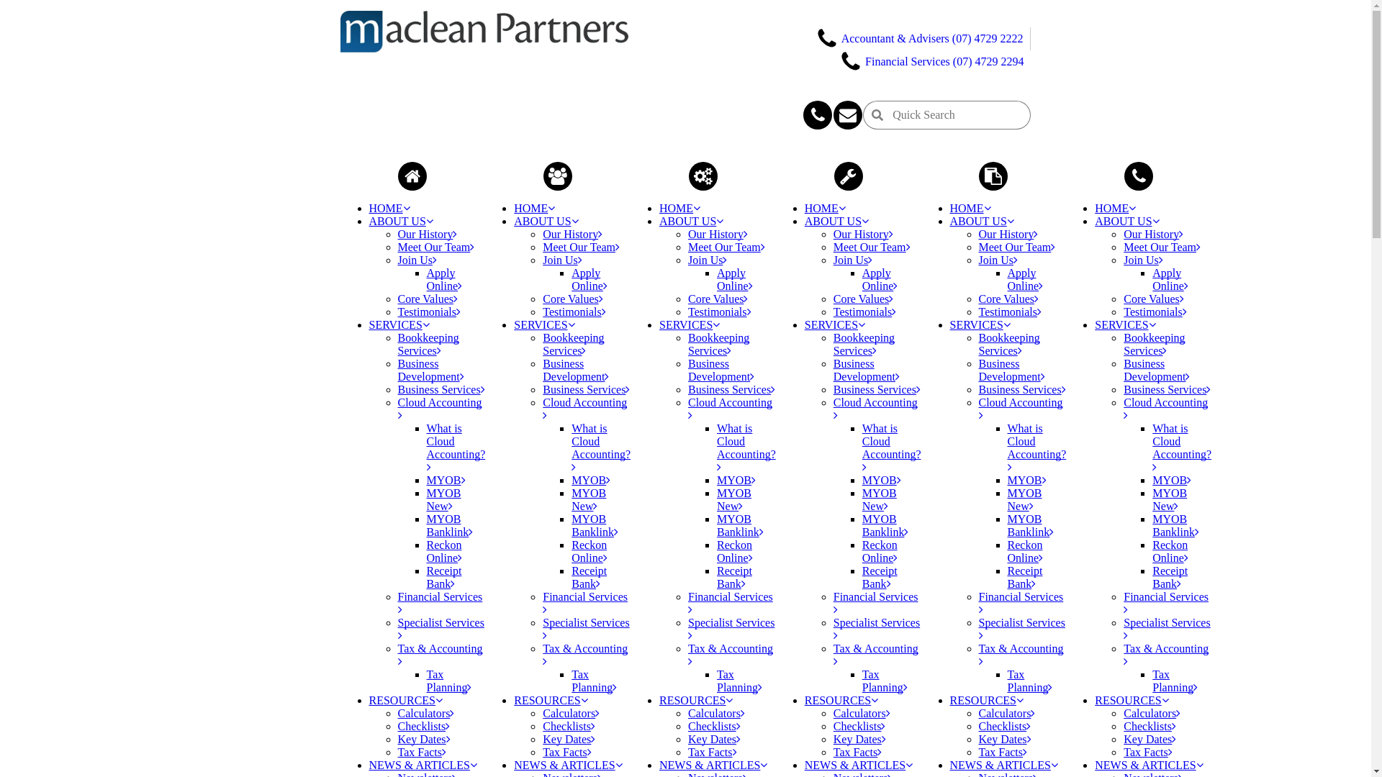 The height and width of the screenshot is (777, 1382). What do you see at coordinates (1166, 603) in the screenshot?
I see `'Financial Services'` at bounding box center [1166, 603].